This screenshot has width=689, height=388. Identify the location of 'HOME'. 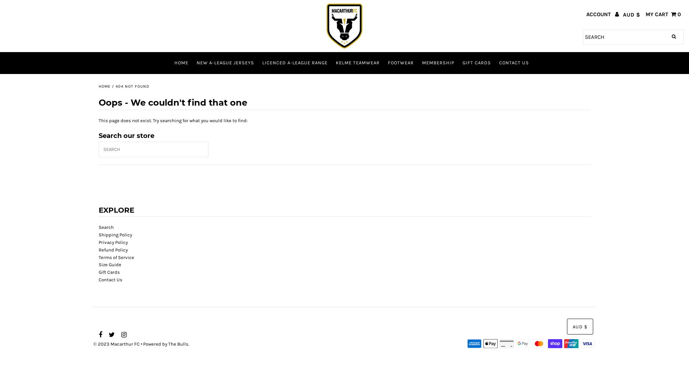
(104, 86).